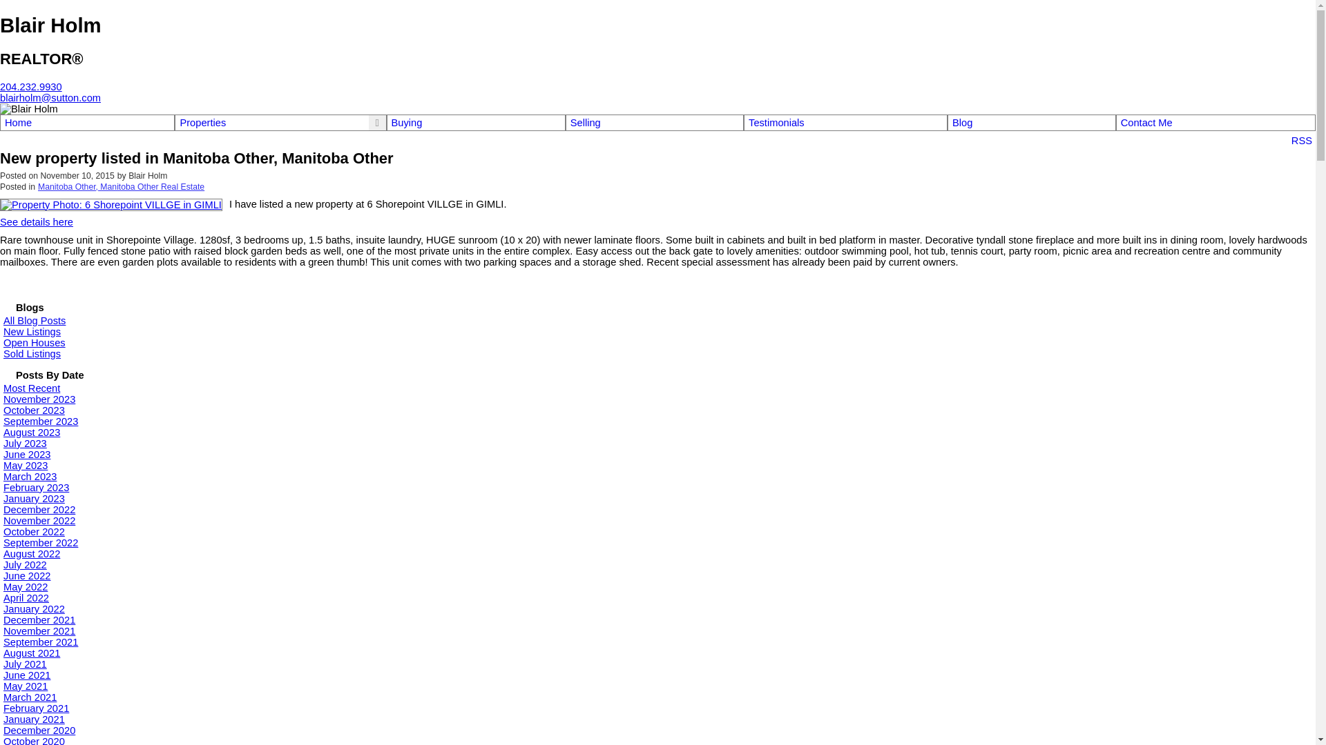 Image resolution: width=1326 pixels, height=745 pixels. What do you see at coordinates (32, 653) in the screenshot?
I see `'August 2021'` at bounding box center [32, 653].